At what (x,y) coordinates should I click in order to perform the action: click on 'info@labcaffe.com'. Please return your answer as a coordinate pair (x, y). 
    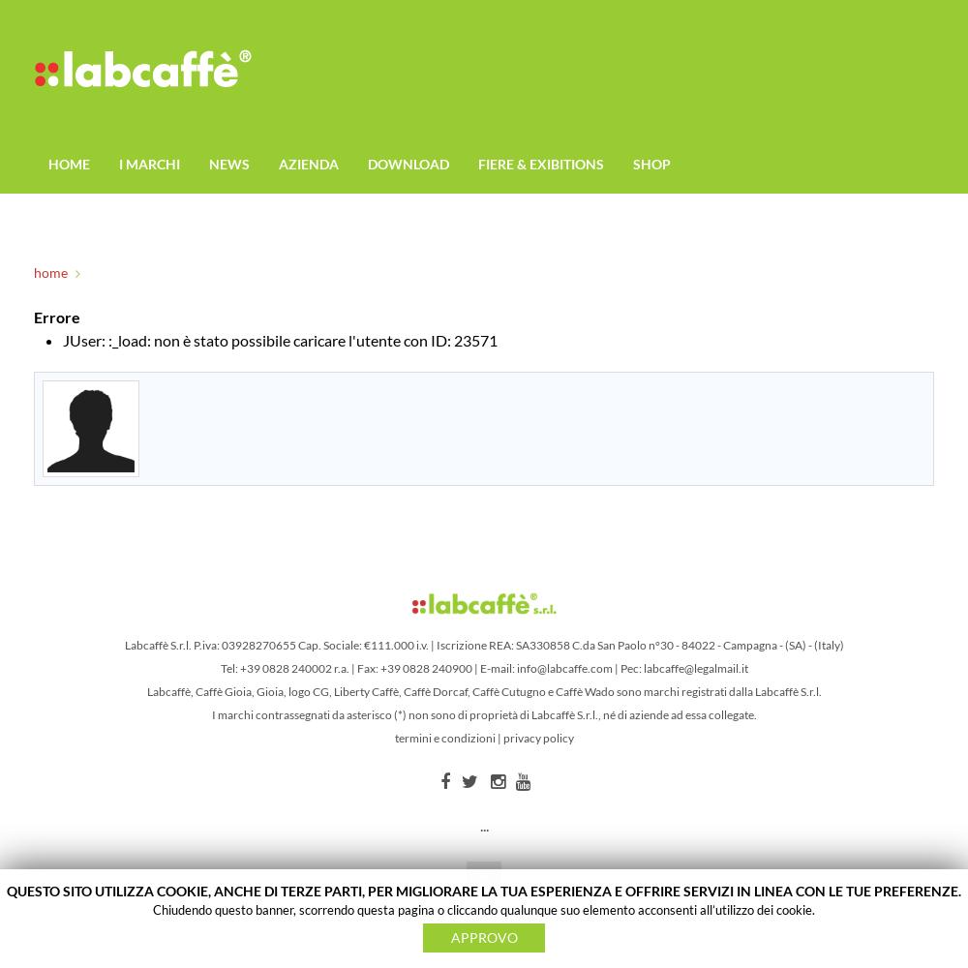
    Looking at the image, I should click on (562, 667).